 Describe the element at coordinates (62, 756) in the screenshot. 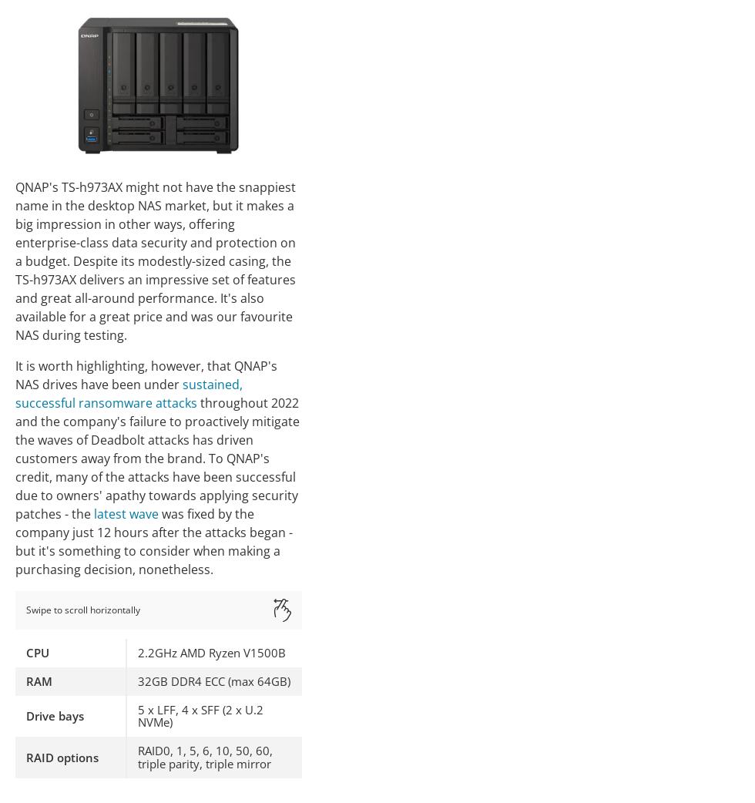

I see `'RAID options'` at that location.